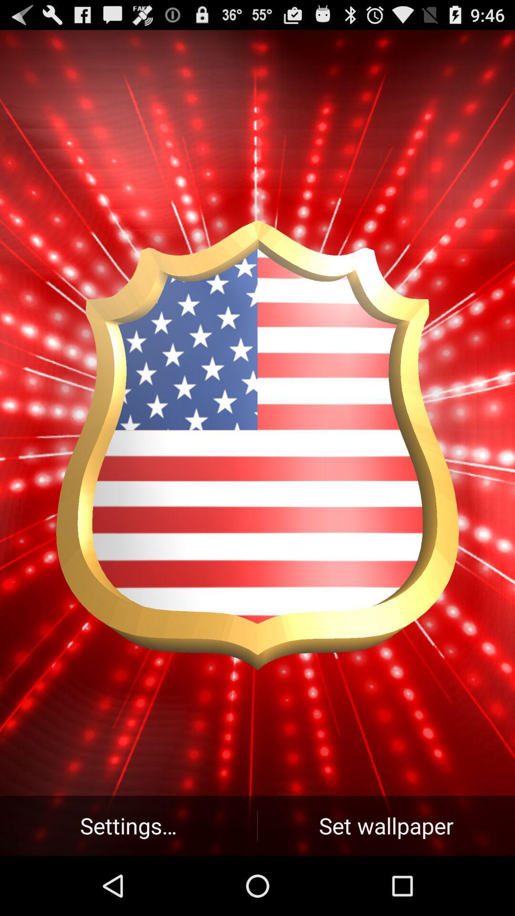 The image size is (515, 916). Describe the element at coordinates (128, 825) in the screenshot. I see `the icon next to set wallpaper button` at that location.